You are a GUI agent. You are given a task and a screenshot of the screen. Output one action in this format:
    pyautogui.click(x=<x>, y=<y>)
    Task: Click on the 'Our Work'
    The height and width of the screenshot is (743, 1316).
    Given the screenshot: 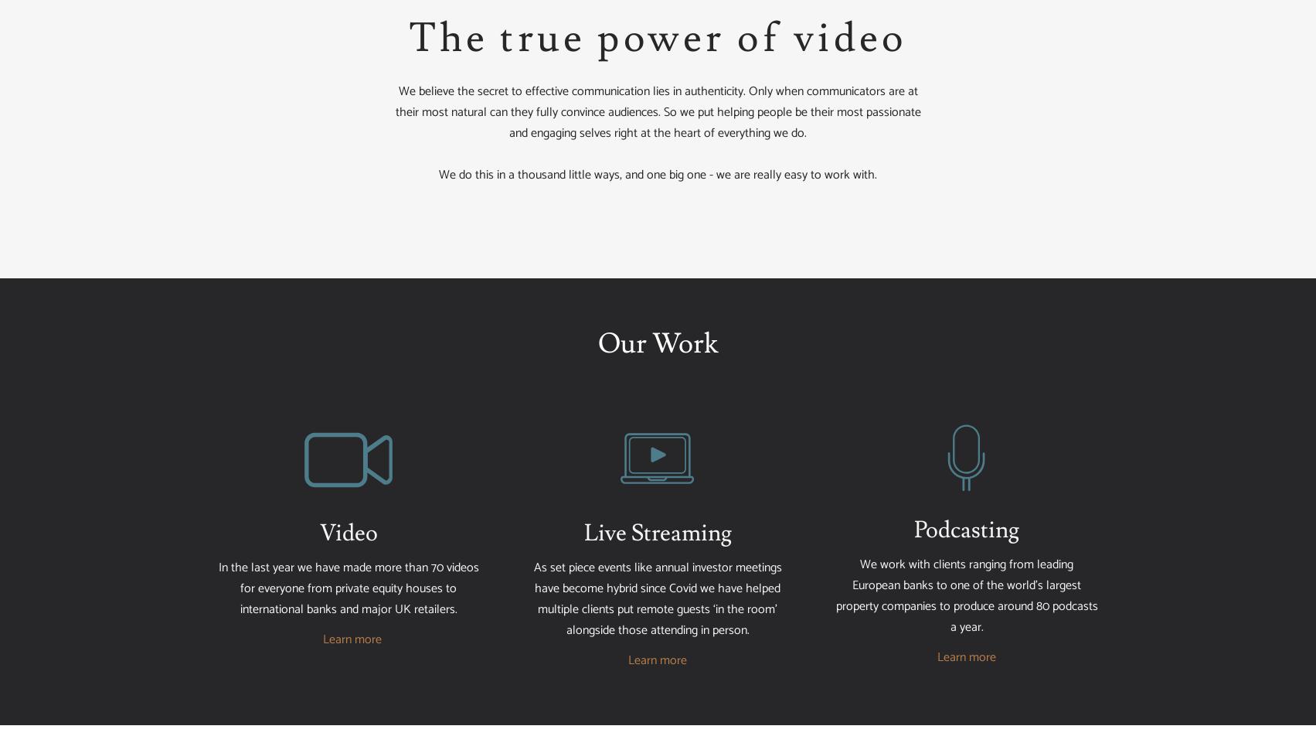 What is the action you would take?
    pyautogui.click(x=658, y=343)
    